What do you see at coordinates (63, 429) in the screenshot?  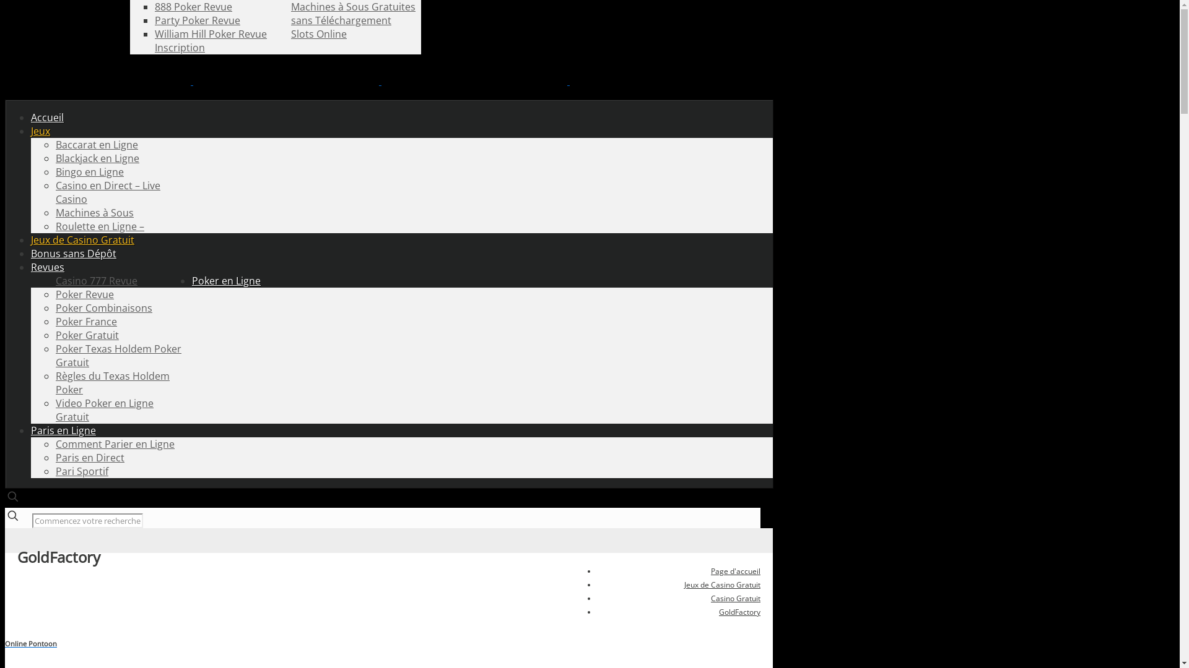 I see `'Paris en Ligne'` at bounding box center [63, 429].